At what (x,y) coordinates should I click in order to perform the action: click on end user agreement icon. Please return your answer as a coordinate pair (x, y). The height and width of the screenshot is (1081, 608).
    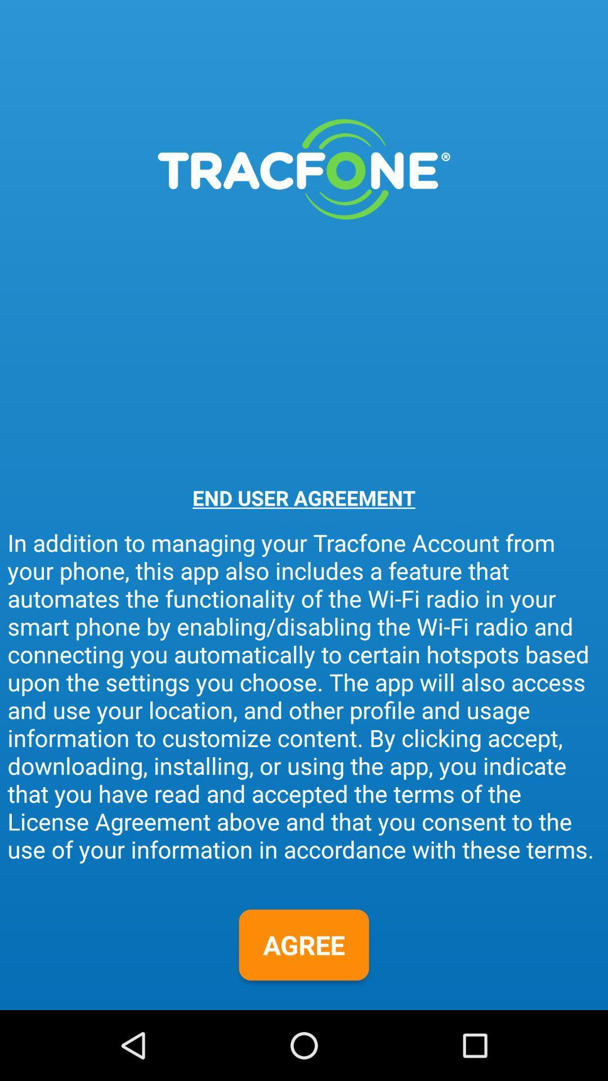
    Looking at the image, I should click on (304, 497).